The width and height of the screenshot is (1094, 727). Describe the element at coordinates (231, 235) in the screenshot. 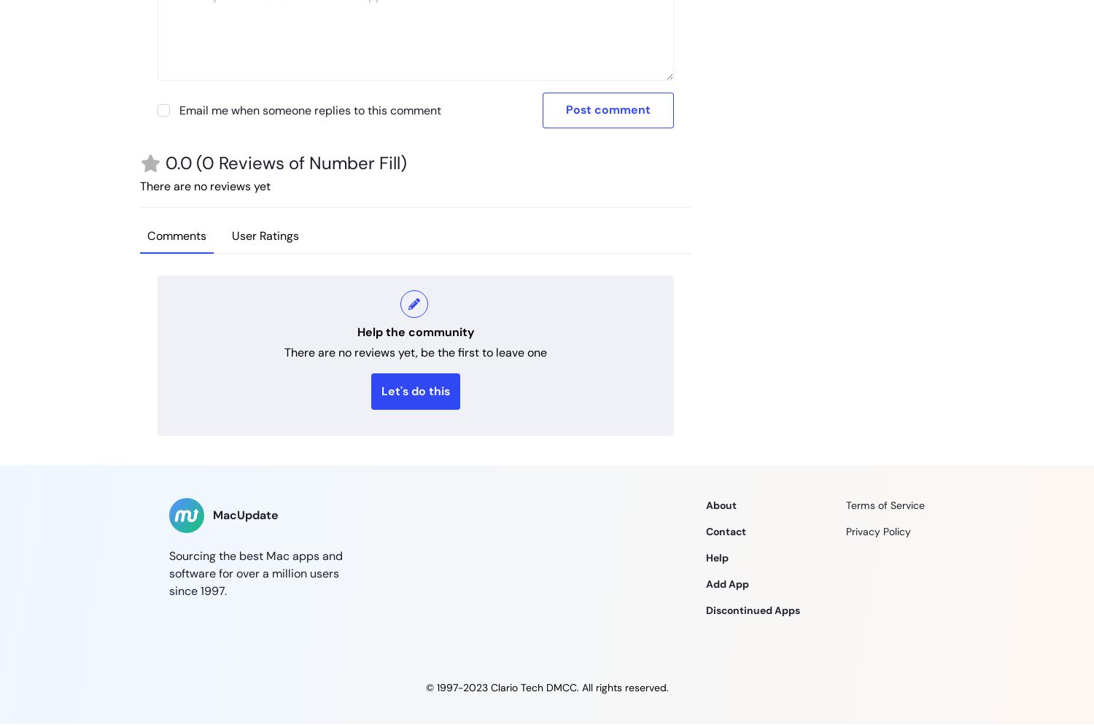

I see `'User Ratings'` at that location.